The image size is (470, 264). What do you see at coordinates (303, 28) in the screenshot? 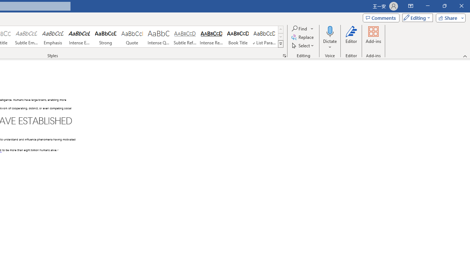
I see `'Find'` at bounding box center [303, 28].